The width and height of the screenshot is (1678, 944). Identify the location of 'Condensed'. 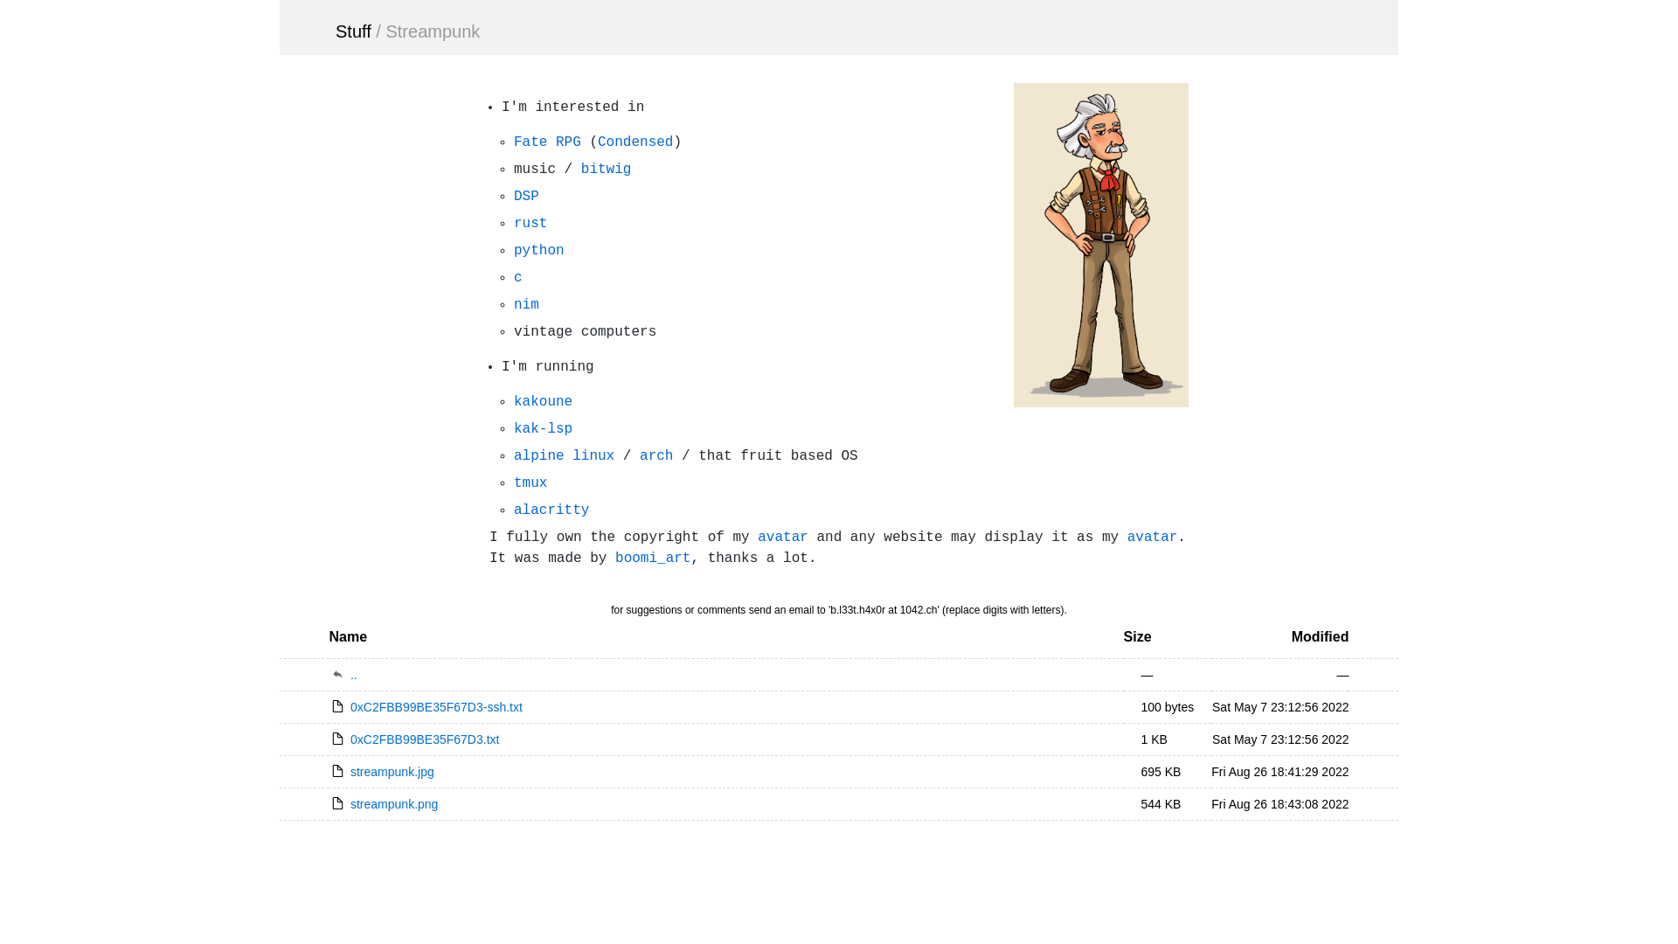
(598, 141).